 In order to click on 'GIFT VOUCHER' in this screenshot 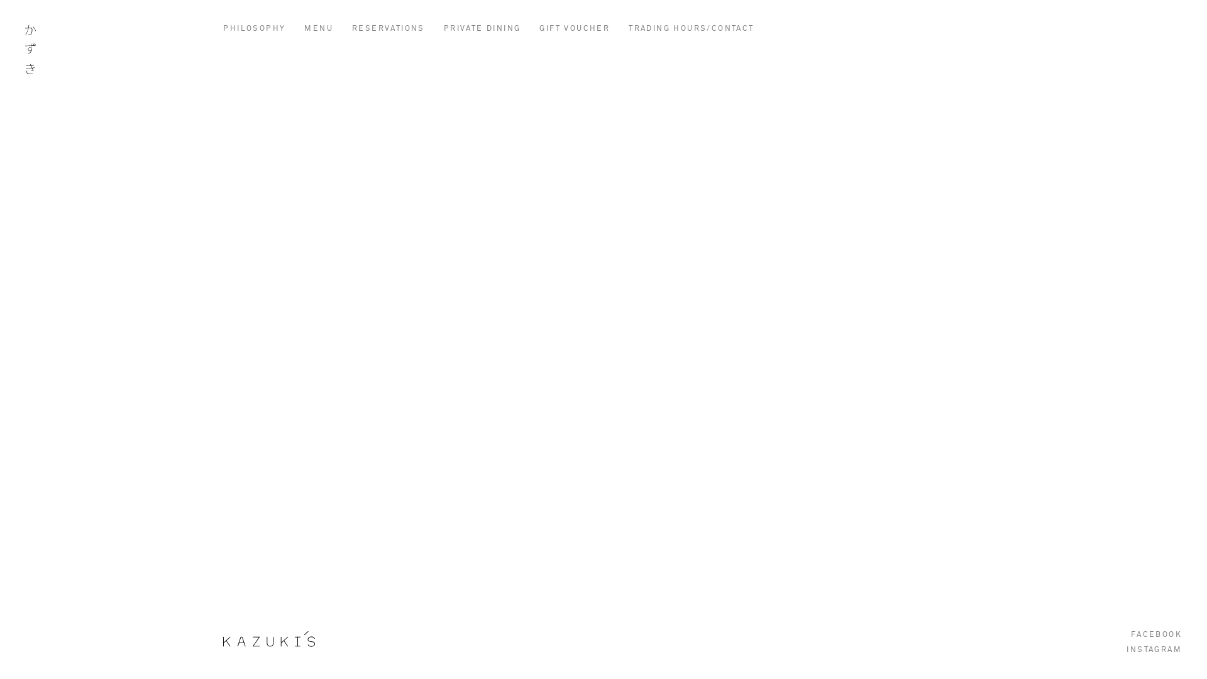, I will do `click(573, 28)`.